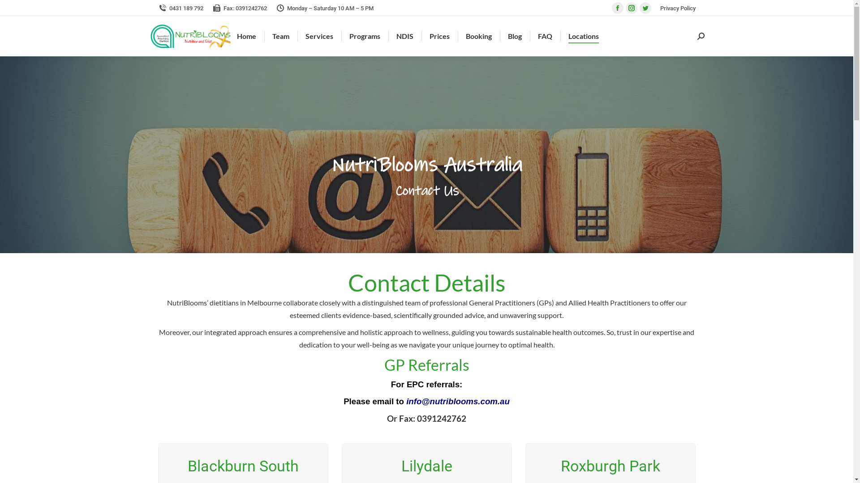 The image size is (860, 483). Describe the element at coordinates (239, 8) in the screenshot. I see `'Fax: 0391242762'` at that location.